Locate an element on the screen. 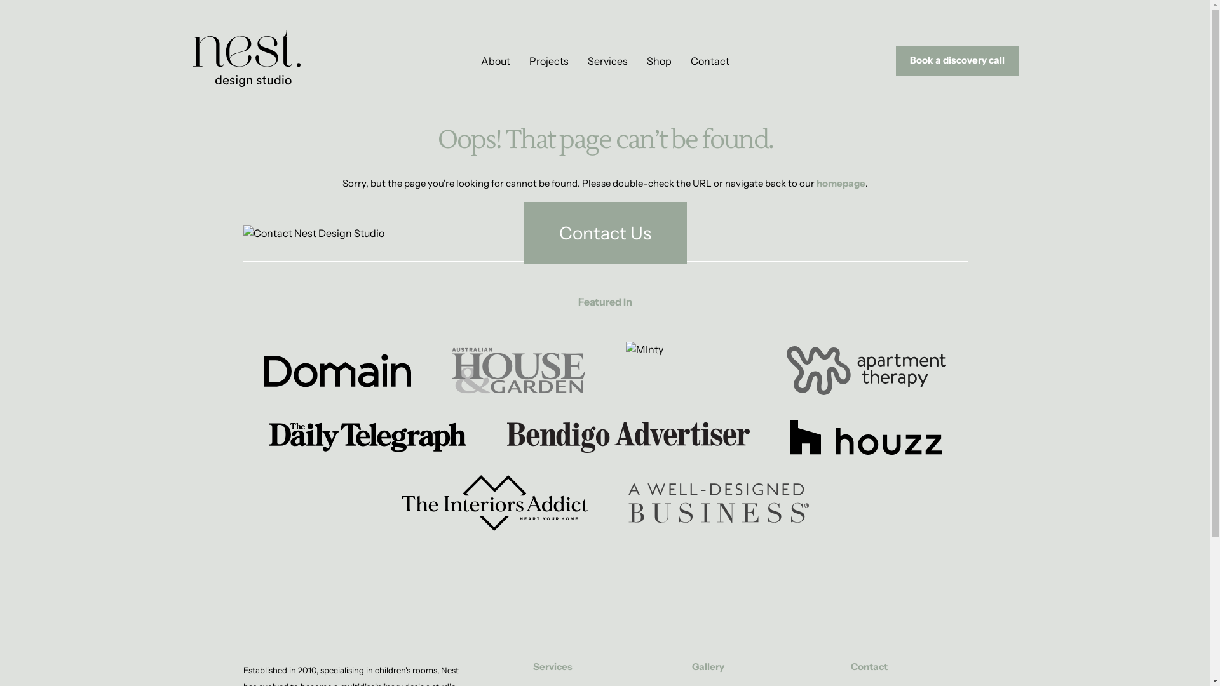 Image resolution: width=1220 pixels, height=686 pixels. 'Contact Us' is located at coordinates (524, 232).